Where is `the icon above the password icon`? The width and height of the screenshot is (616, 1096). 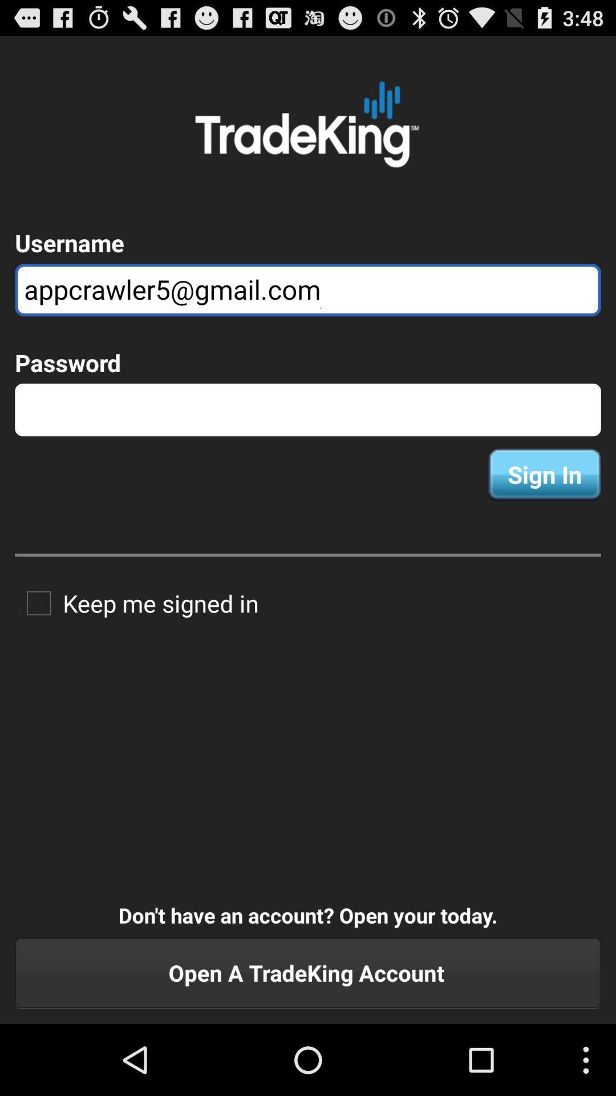 the icon above the password icon is located at coordinates (308, 290).